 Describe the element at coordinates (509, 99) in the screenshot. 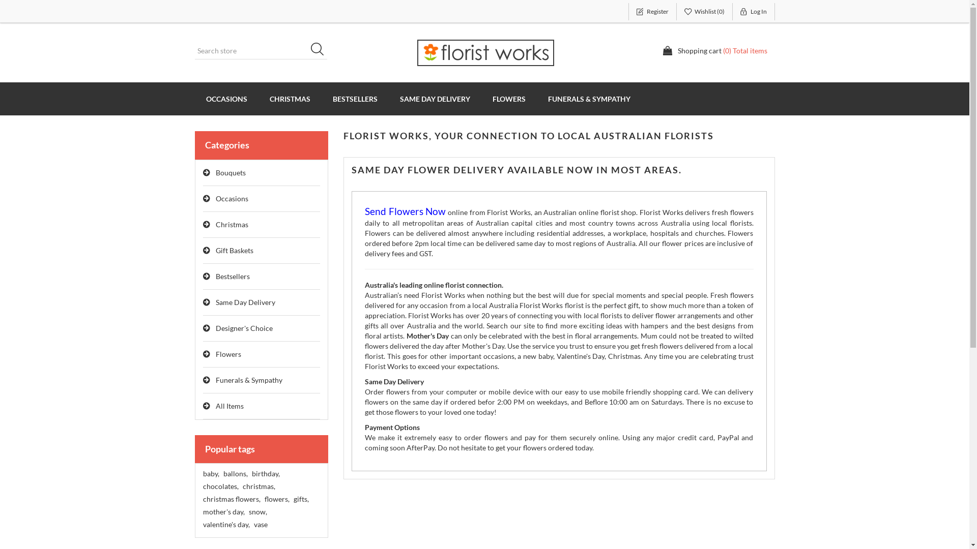

I see `'FLOWERS'` at that location.